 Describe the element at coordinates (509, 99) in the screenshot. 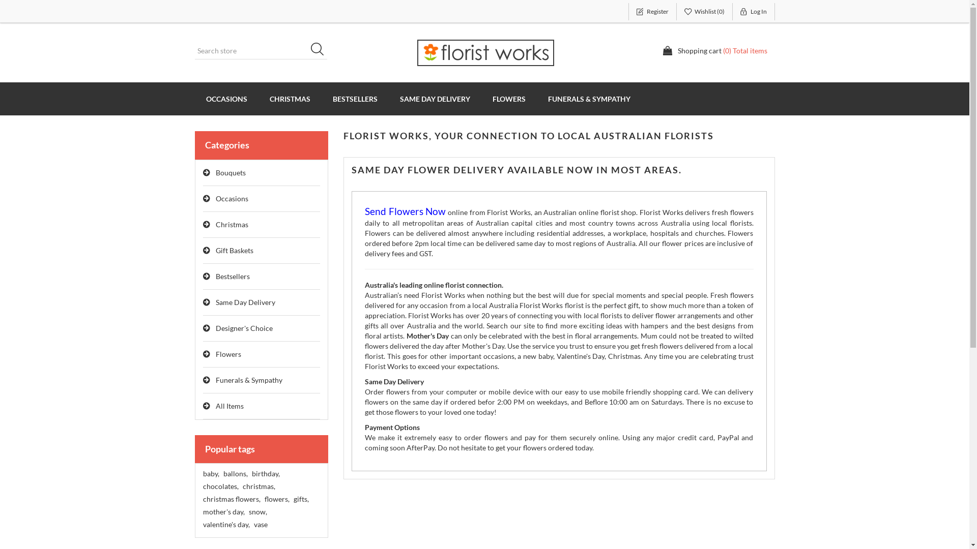

I see `'FLOWERS'` at that location.